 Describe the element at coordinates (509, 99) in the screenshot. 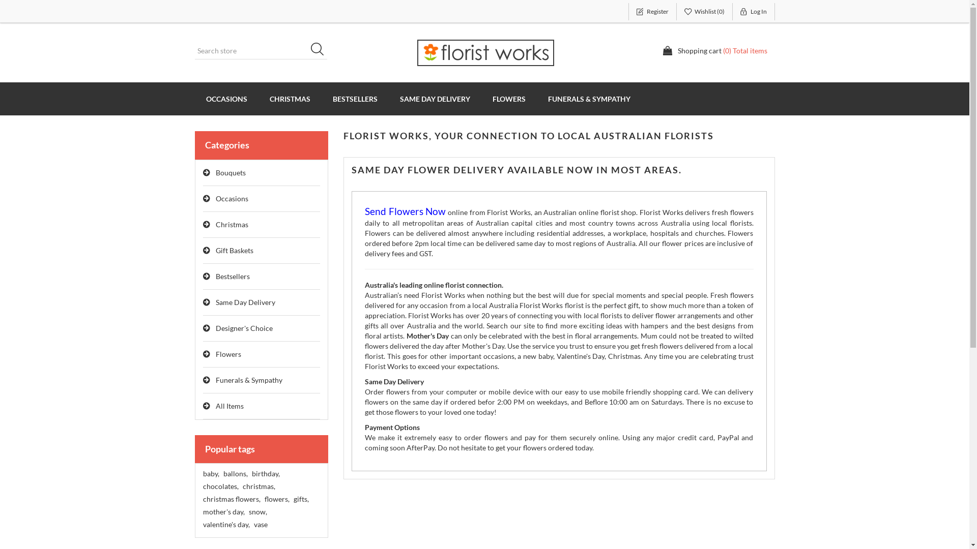

I see `'FLOWERS'` at that location.